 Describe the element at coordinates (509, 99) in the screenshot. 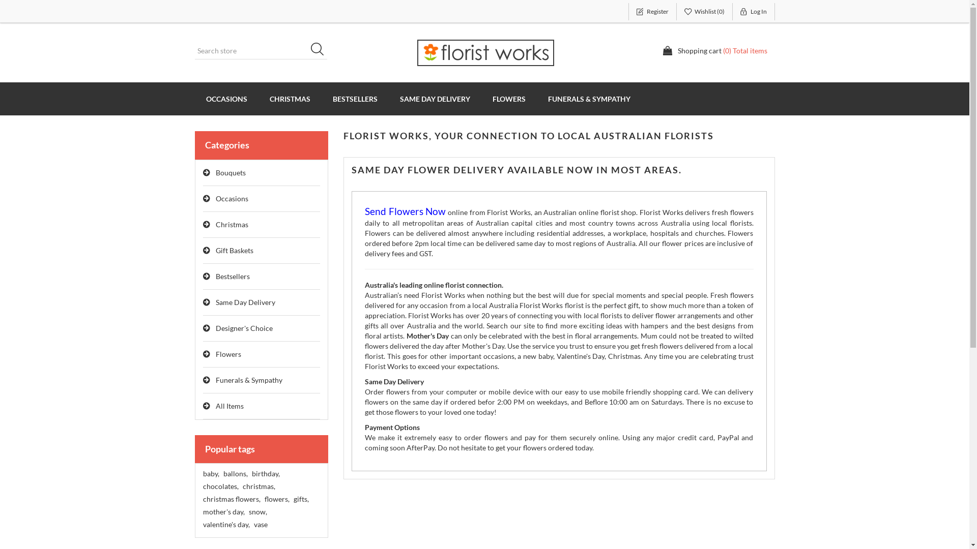

I see `'FLOWERS'` at that location.